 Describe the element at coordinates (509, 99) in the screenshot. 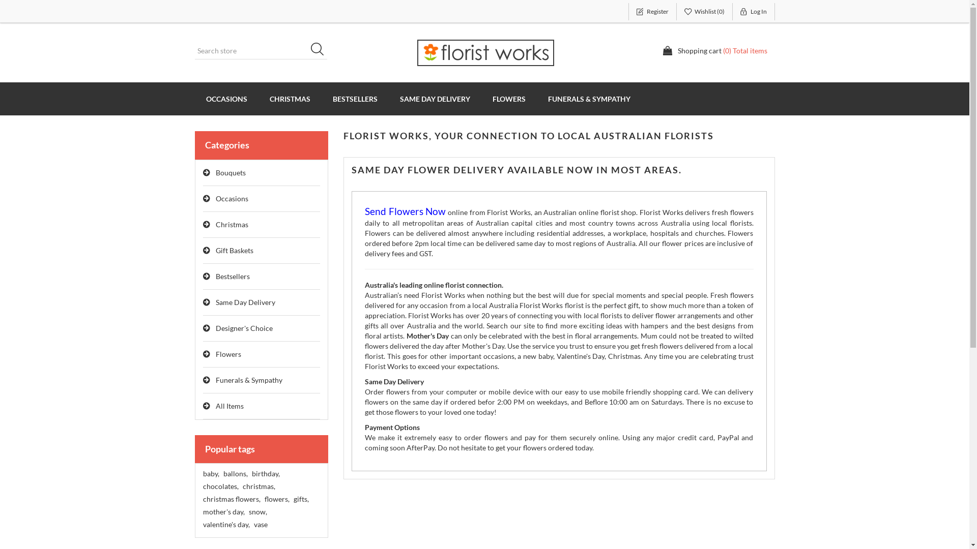

I see `'FLOWERS'` at that location.